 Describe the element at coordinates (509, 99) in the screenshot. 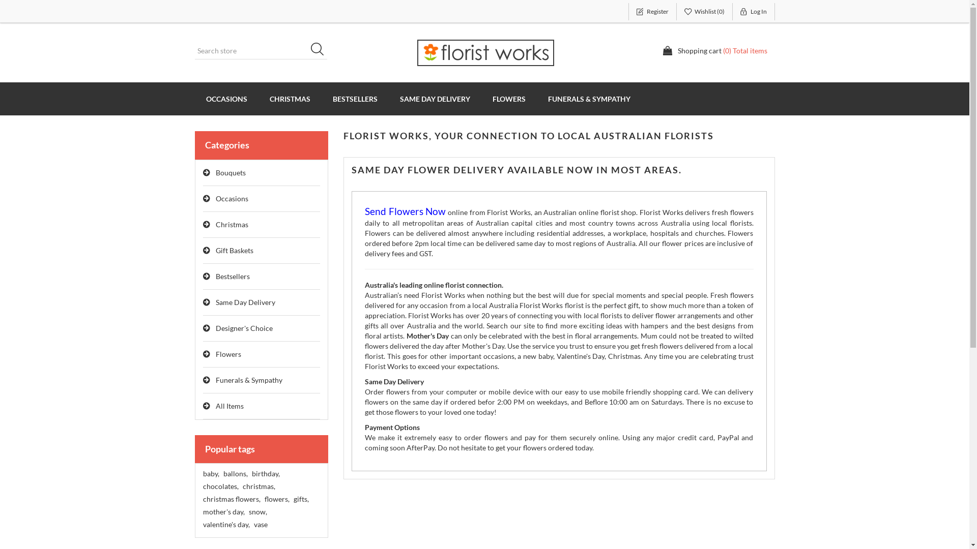

I see `'FLOWERS'` at that location.